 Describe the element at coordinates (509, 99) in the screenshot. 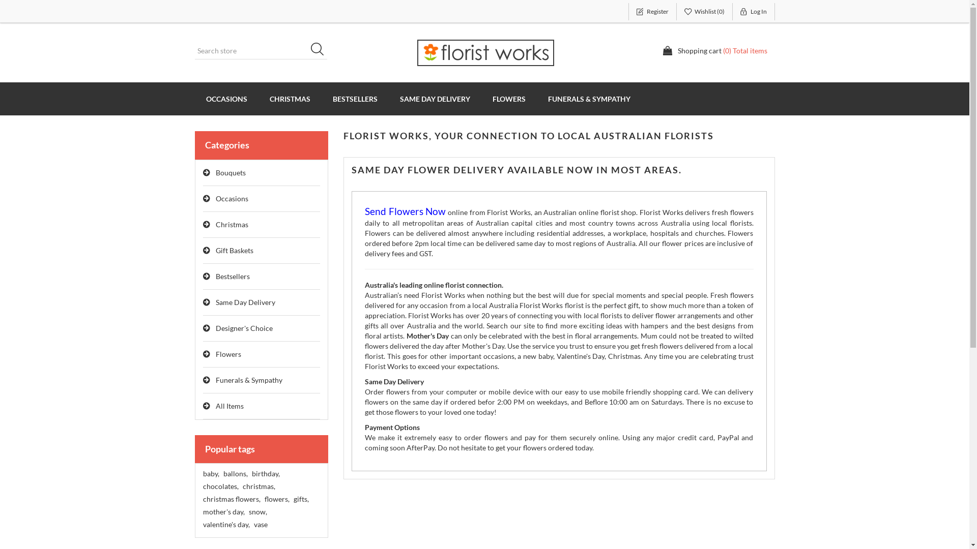

I see `'FLOWERS'` at that location.